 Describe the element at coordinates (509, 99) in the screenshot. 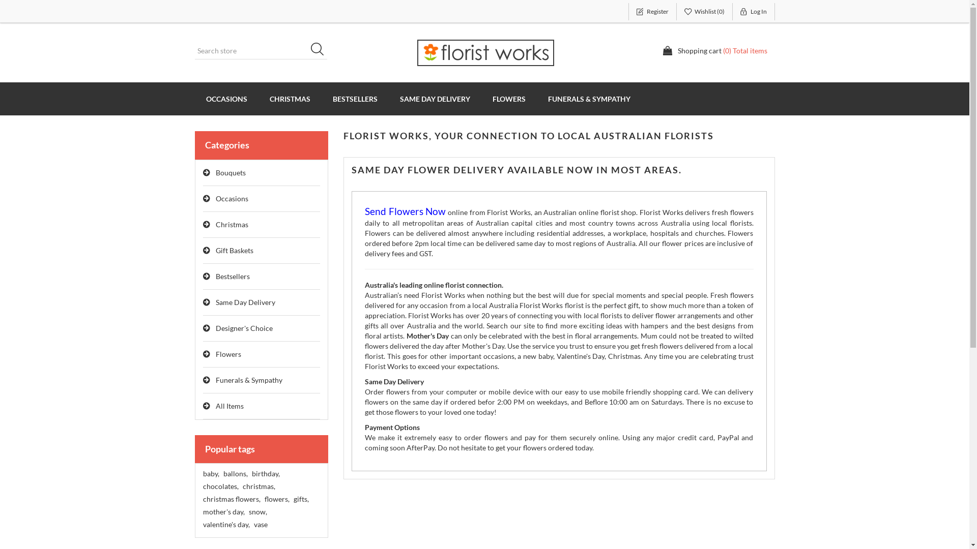

I see `'FLOWERS'` at that location.